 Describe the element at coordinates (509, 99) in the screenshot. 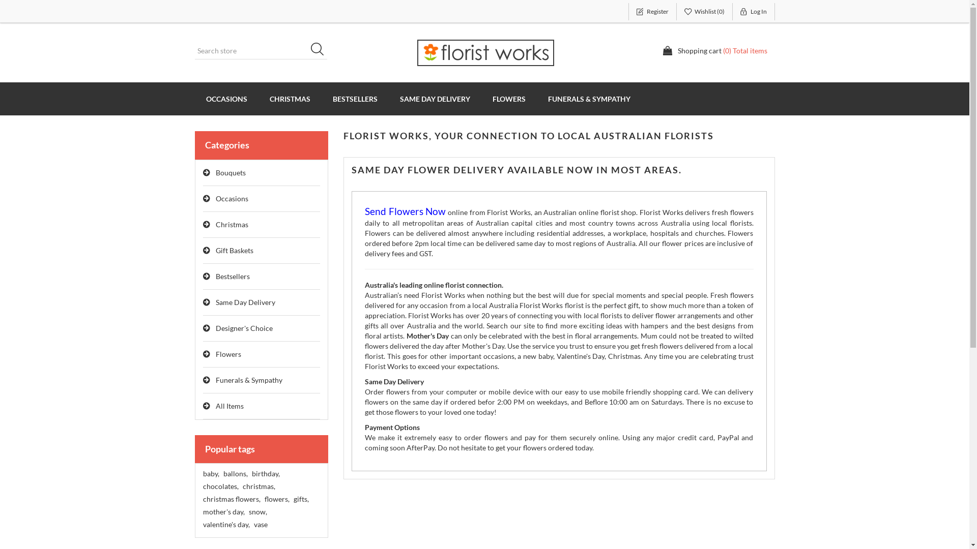

I see `'FLOWERS'` at that location.